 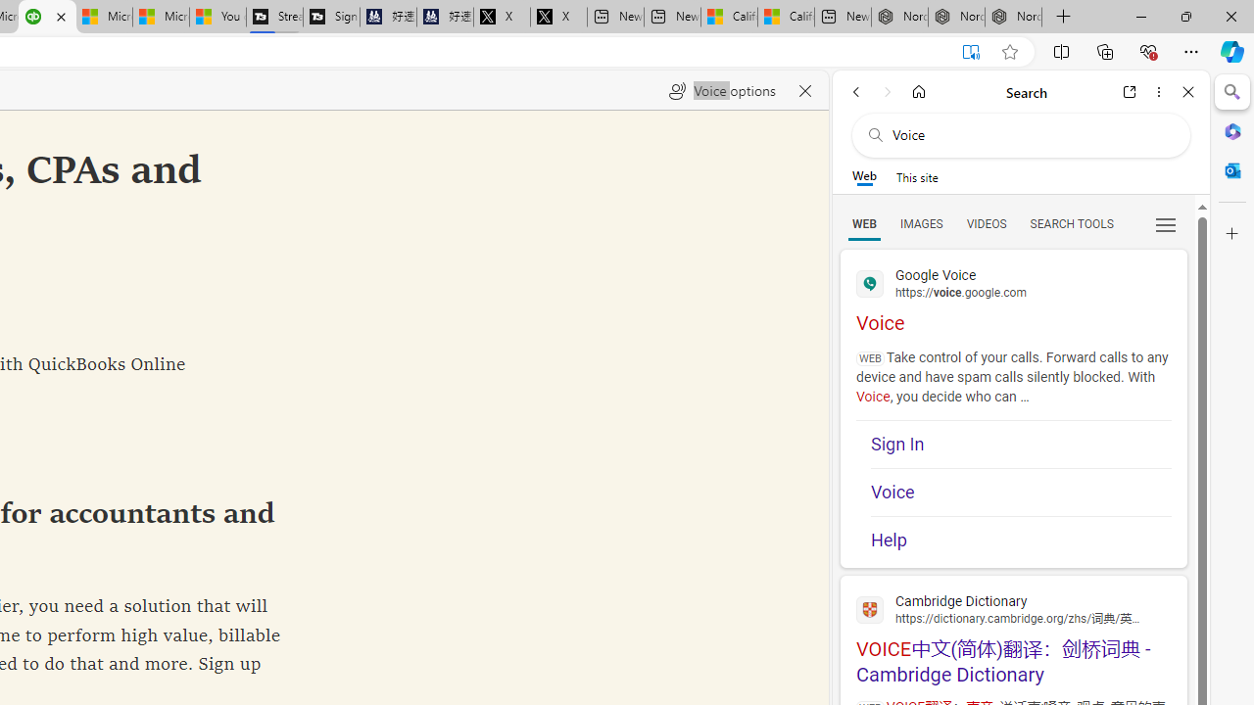 What do you see at coordinates (1231, 130) in the screenshot?
I see `'Microsoft 365'` at bounding box center [1231, 130].